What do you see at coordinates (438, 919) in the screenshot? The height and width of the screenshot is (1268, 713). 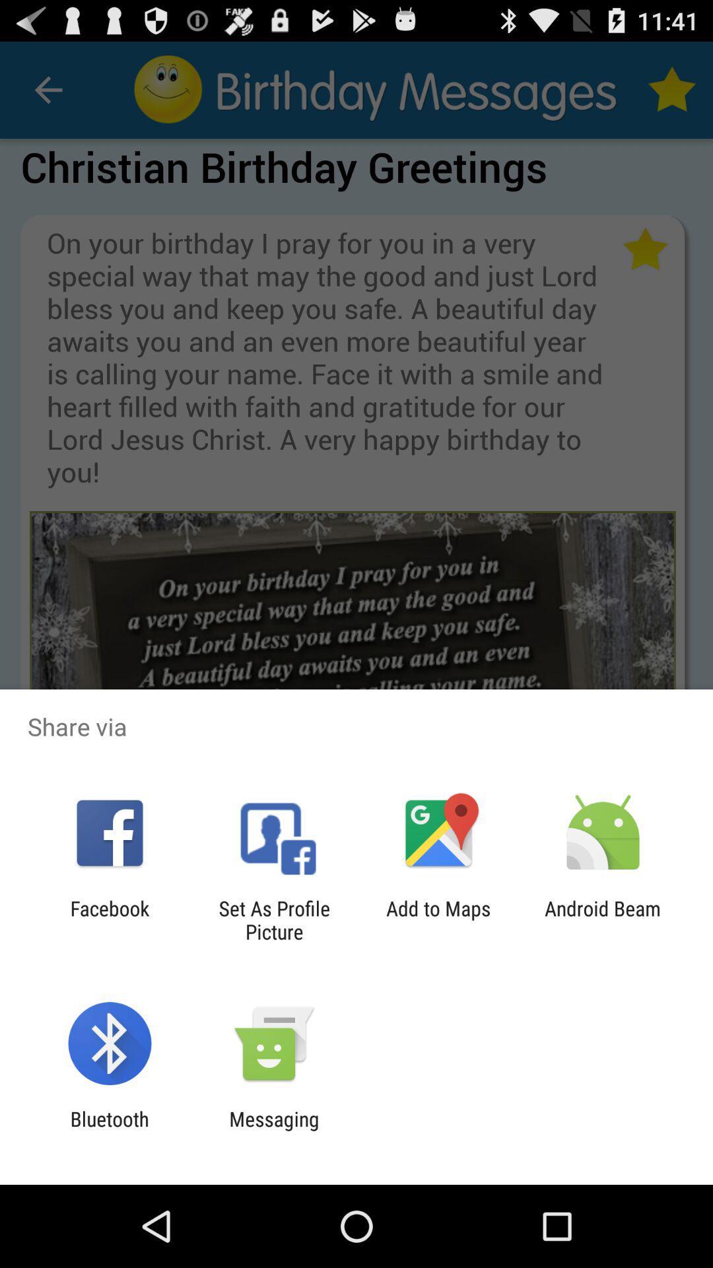 I see `the add to maps` at bounding box center [438, 919].